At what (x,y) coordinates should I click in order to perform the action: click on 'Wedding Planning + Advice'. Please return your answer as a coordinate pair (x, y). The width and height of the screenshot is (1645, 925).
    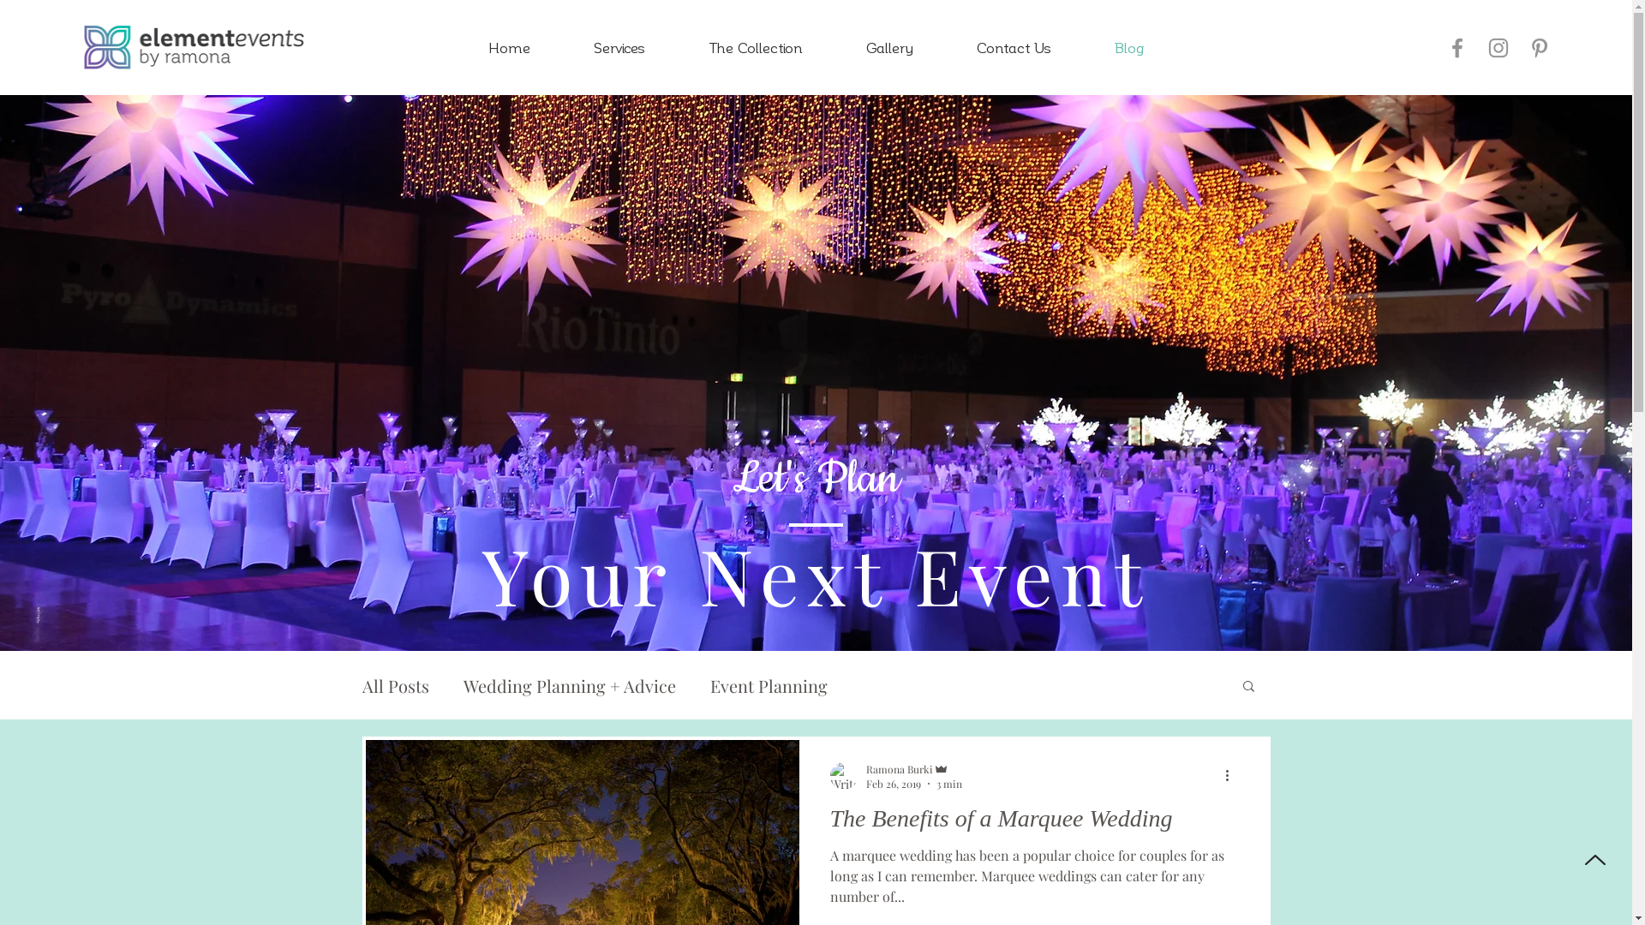
    Looking at the image, I should click on (568, 683).